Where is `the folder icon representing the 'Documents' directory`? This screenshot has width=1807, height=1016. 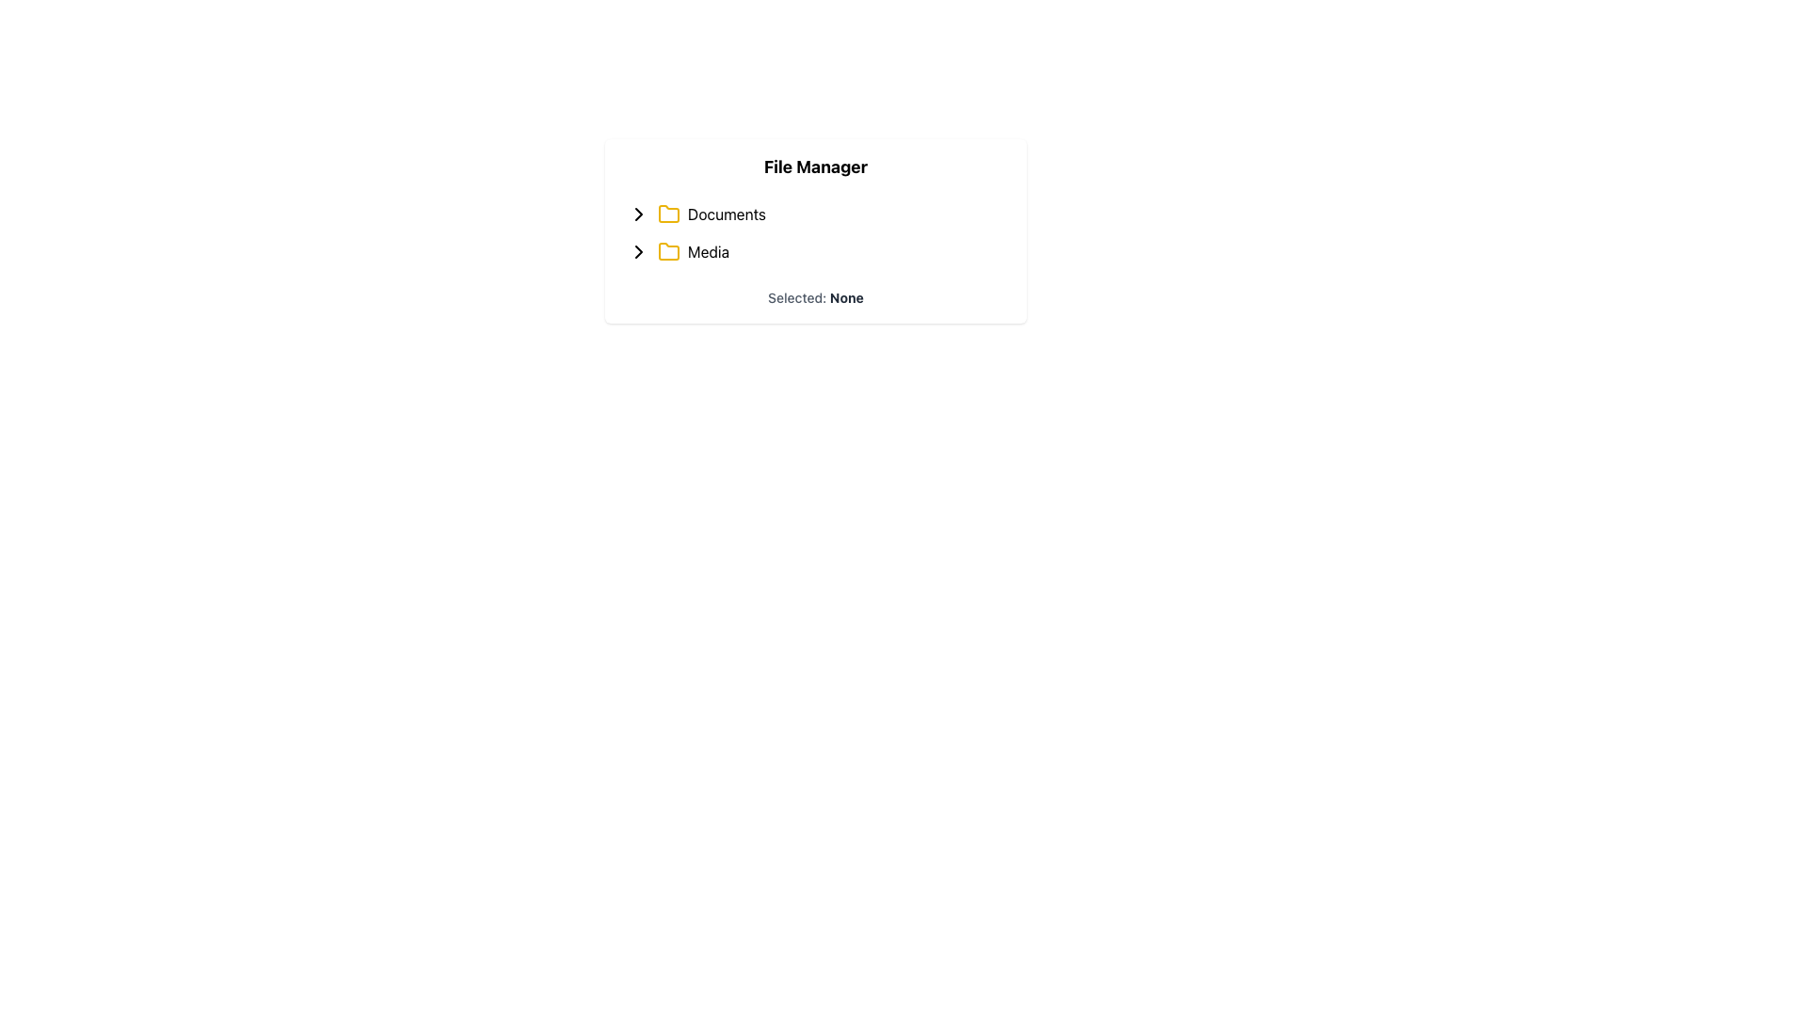
the folder icon representing the 'Documents' directory is located at coordinates (668, 213).